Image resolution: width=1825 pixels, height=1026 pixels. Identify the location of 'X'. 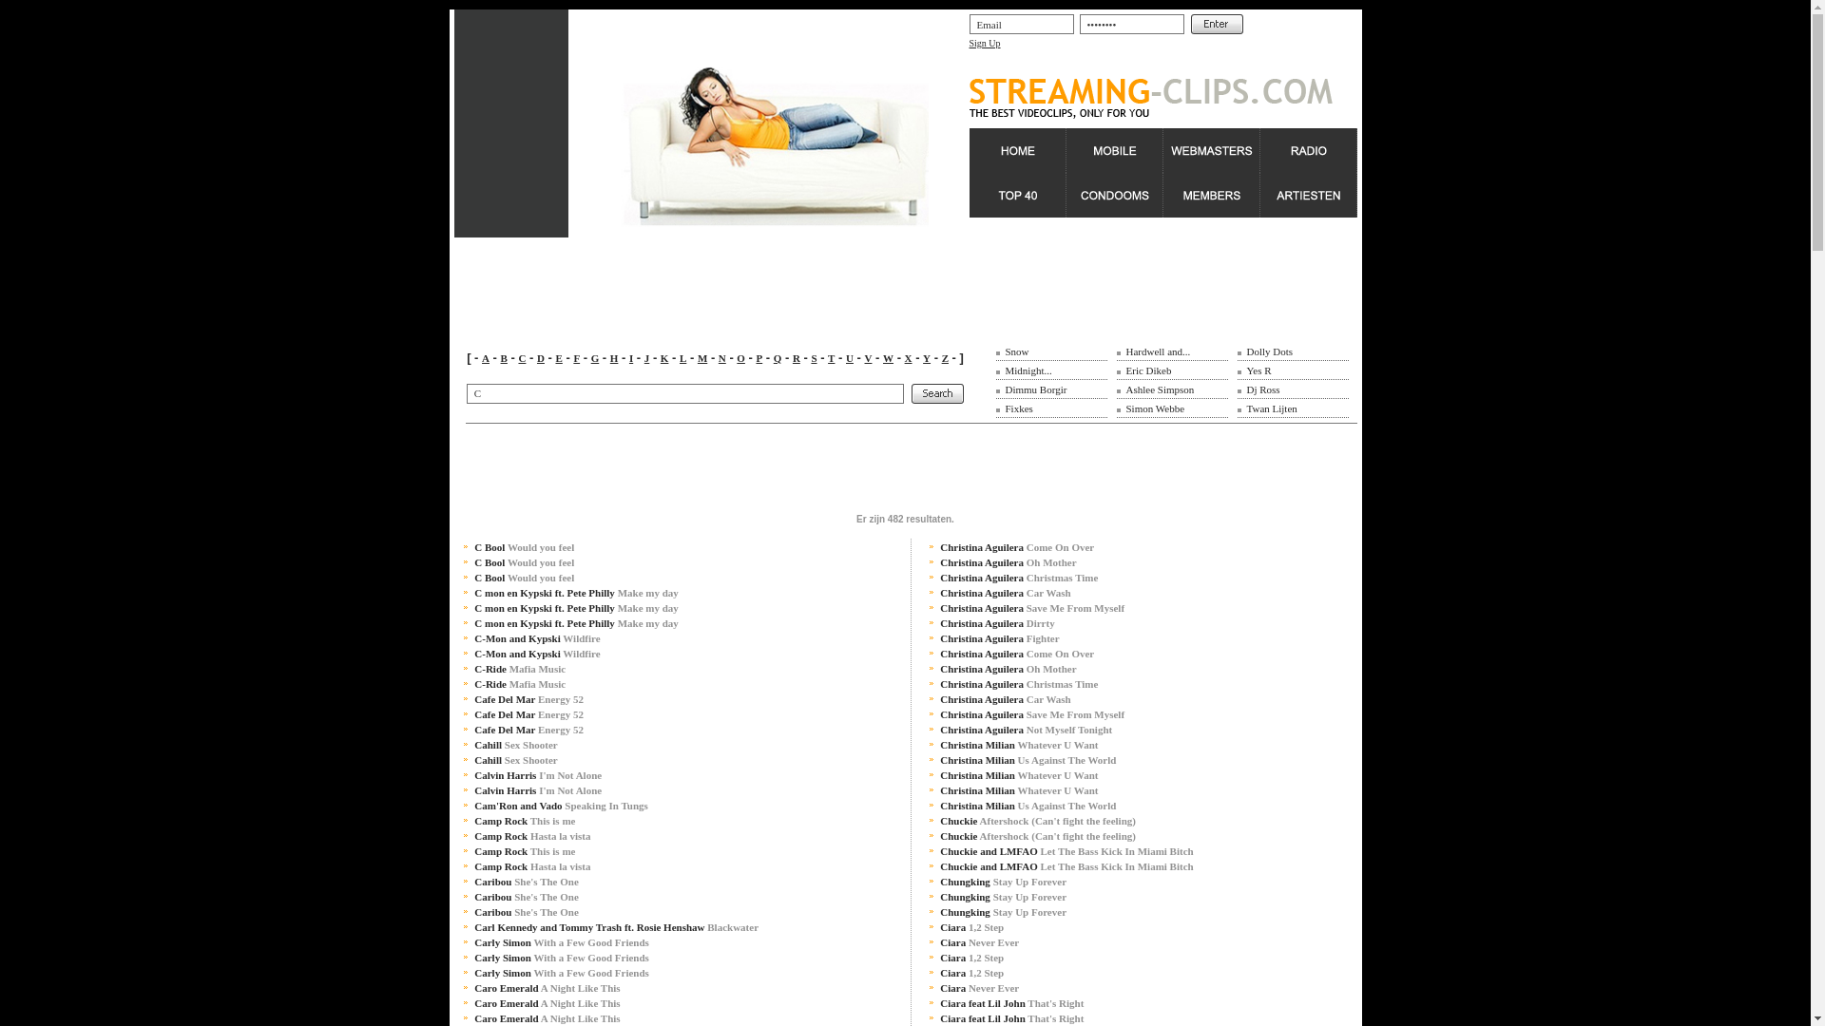
(907, 358).